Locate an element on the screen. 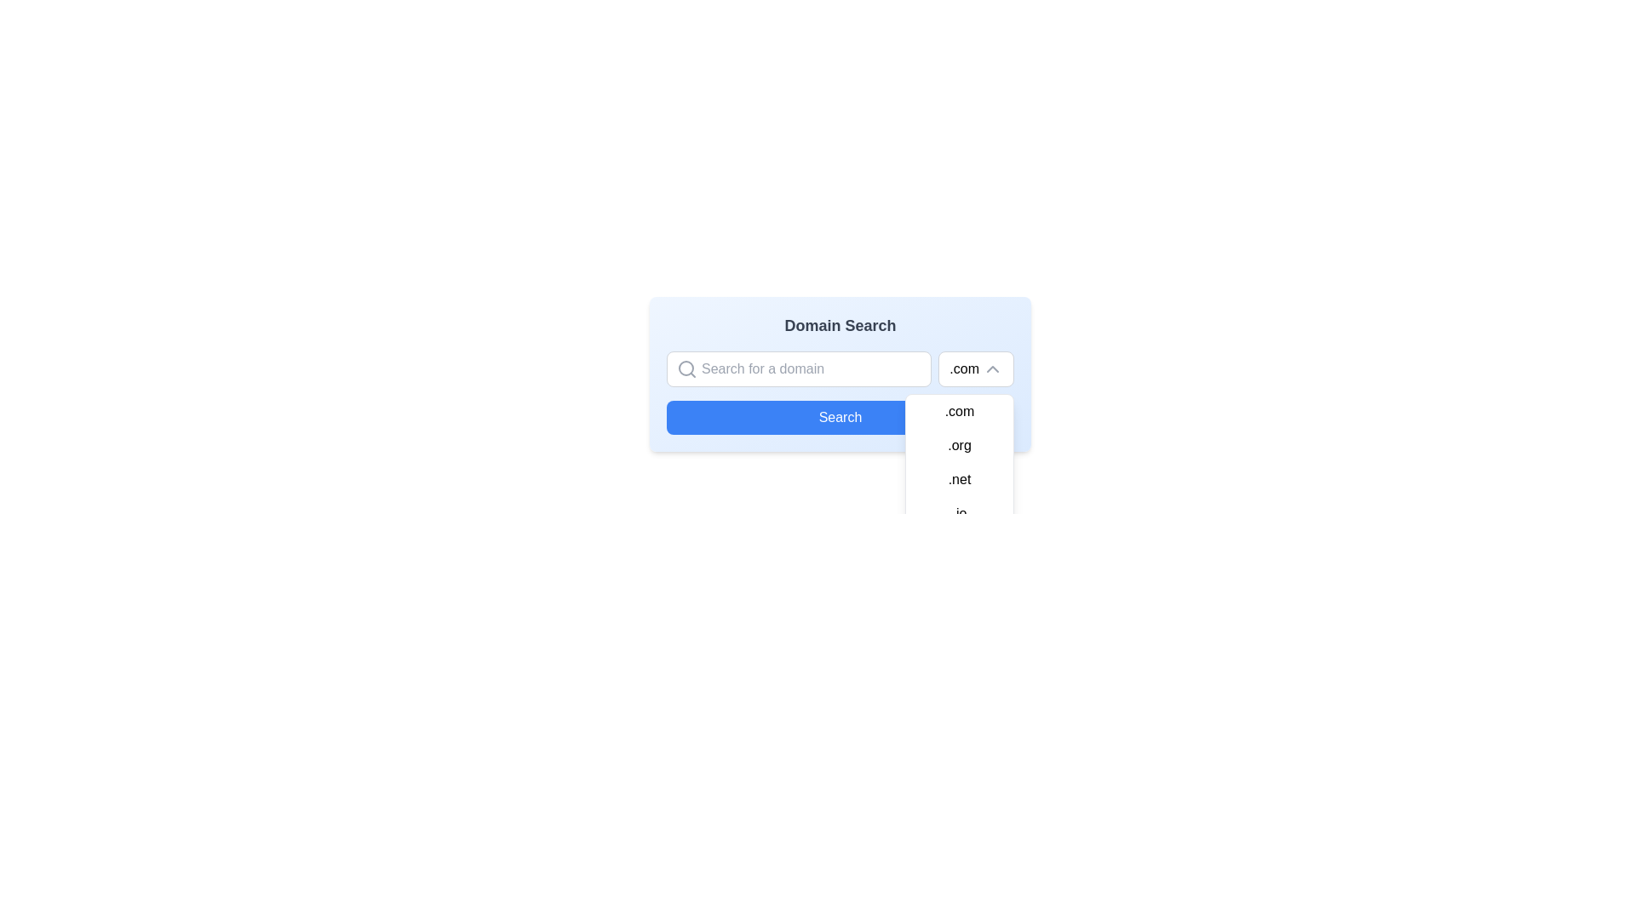  the '.org' option in the dropdown list located to the right of the search bar, which is the second item in the list is located at coordinates (960, 445).